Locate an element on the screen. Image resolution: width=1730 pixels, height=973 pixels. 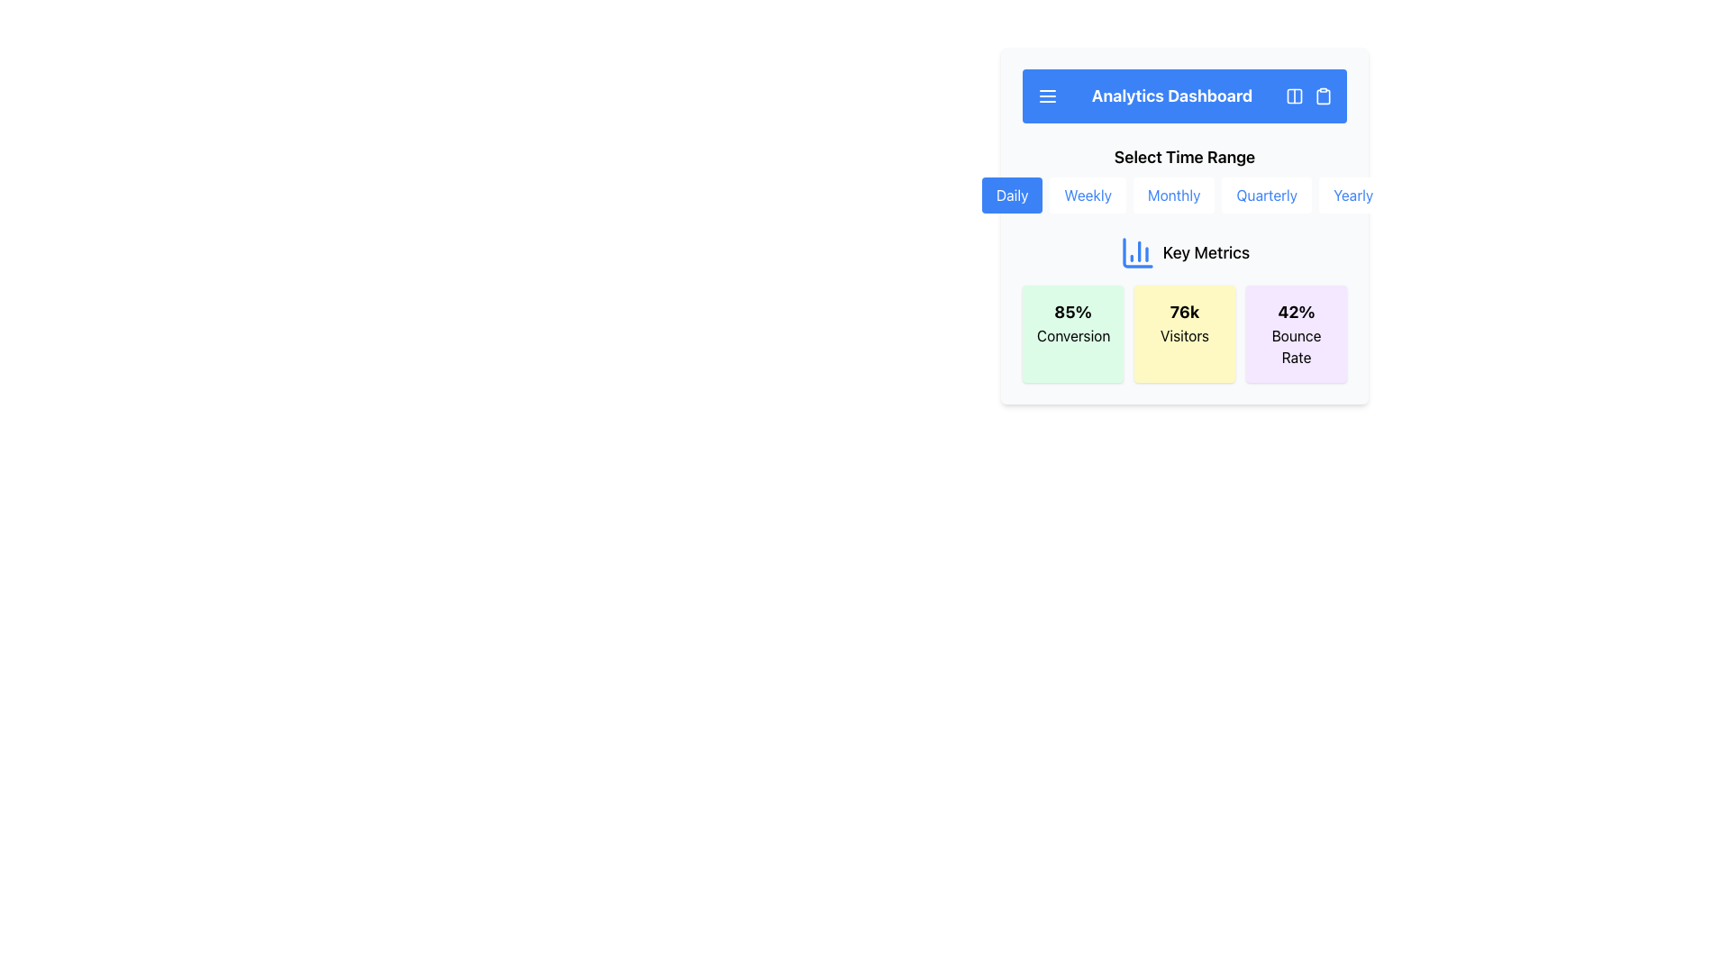
the 'Monthly' button located in the horizontal group of buttons under 'Analytics Dashboard' is located at coordinates (1174, 195).